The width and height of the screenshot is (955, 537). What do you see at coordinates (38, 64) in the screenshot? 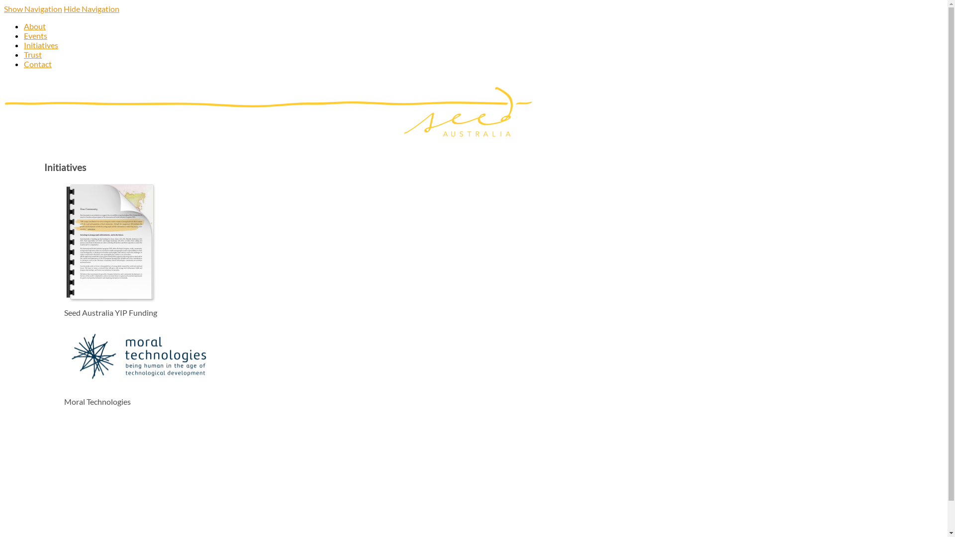
I see `'Contact'` at bounding box center [38, 64].